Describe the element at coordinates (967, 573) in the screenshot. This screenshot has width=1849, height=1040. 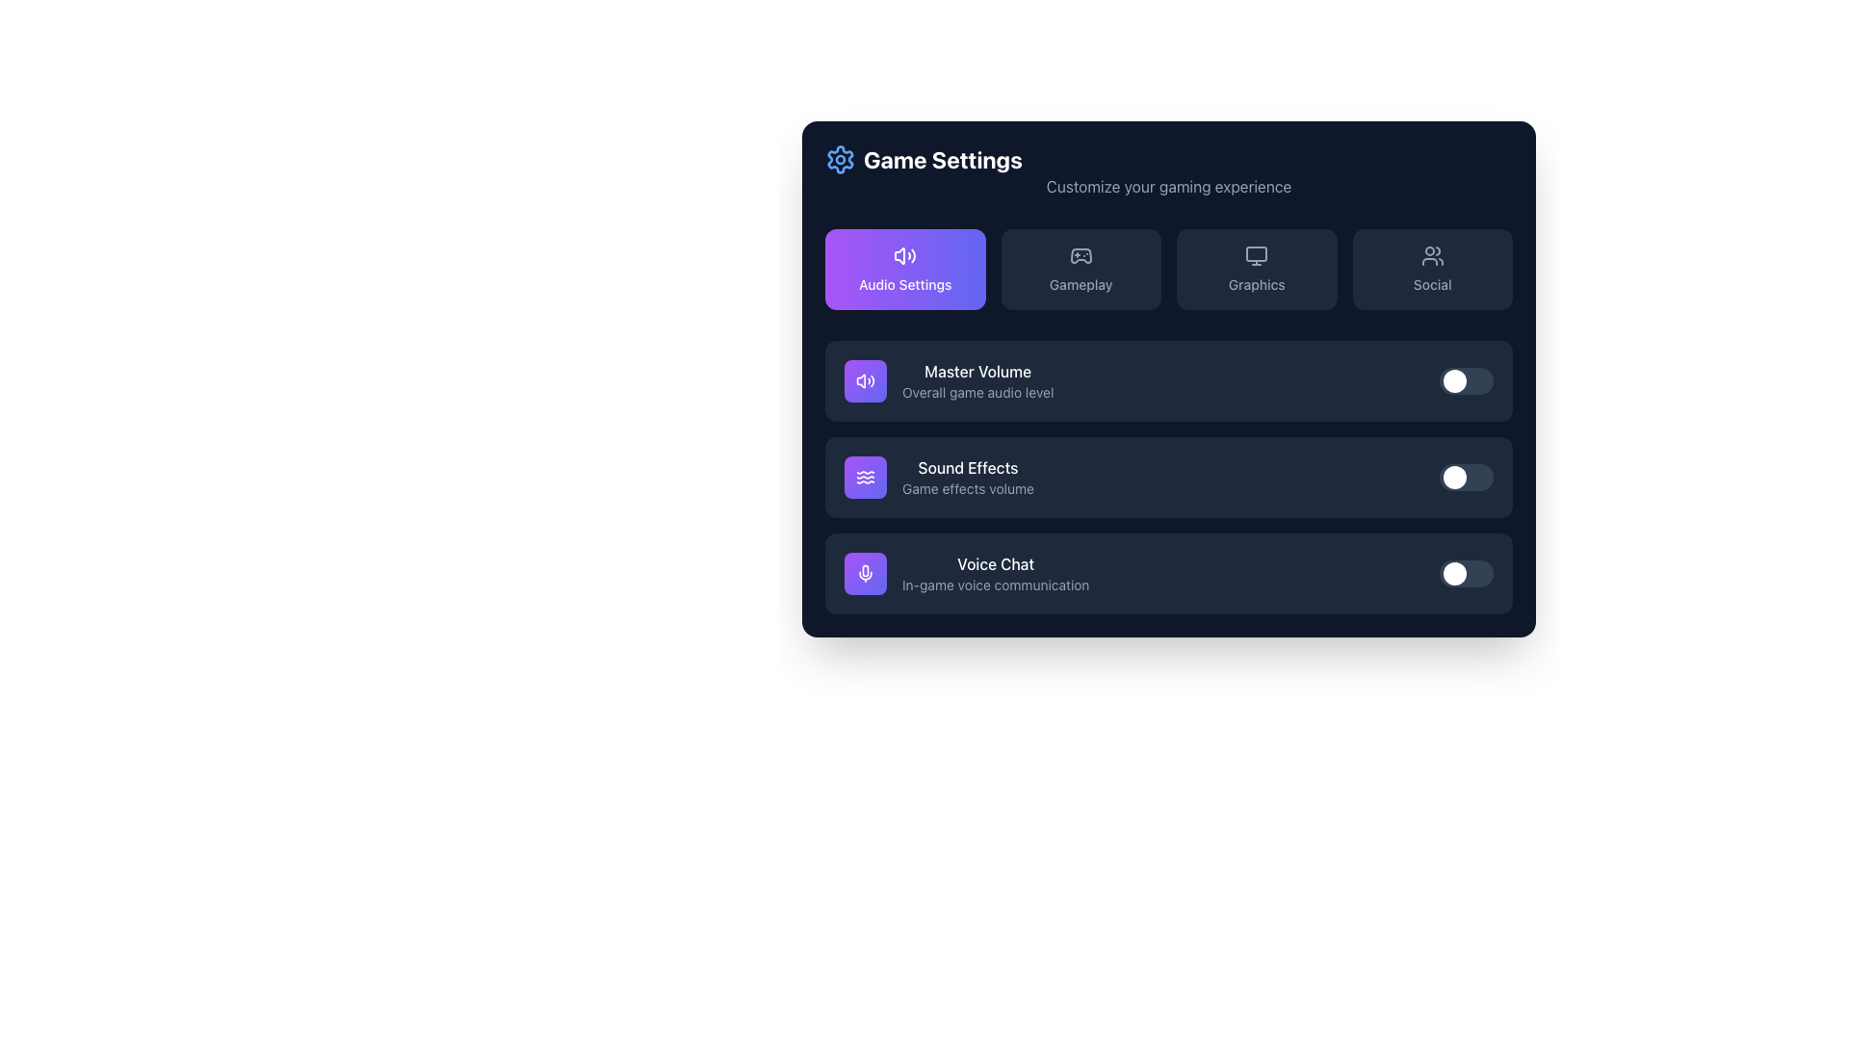
I see `the text` at that location.